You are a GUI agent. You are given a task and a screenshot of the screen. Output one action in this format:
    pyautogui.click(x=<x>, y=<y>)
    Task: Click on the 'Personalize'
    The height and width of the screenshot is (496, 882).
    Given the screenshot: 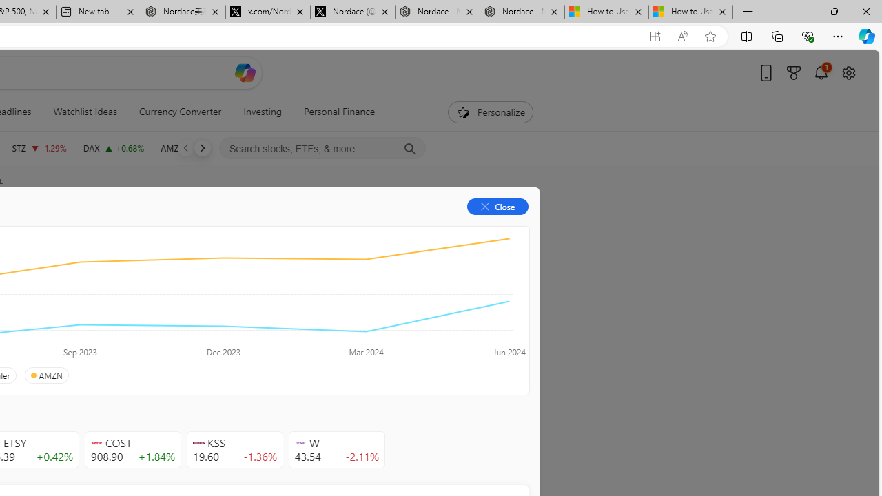 What is the action you would take?
    pyautogui.click(x=490, y=112)
    